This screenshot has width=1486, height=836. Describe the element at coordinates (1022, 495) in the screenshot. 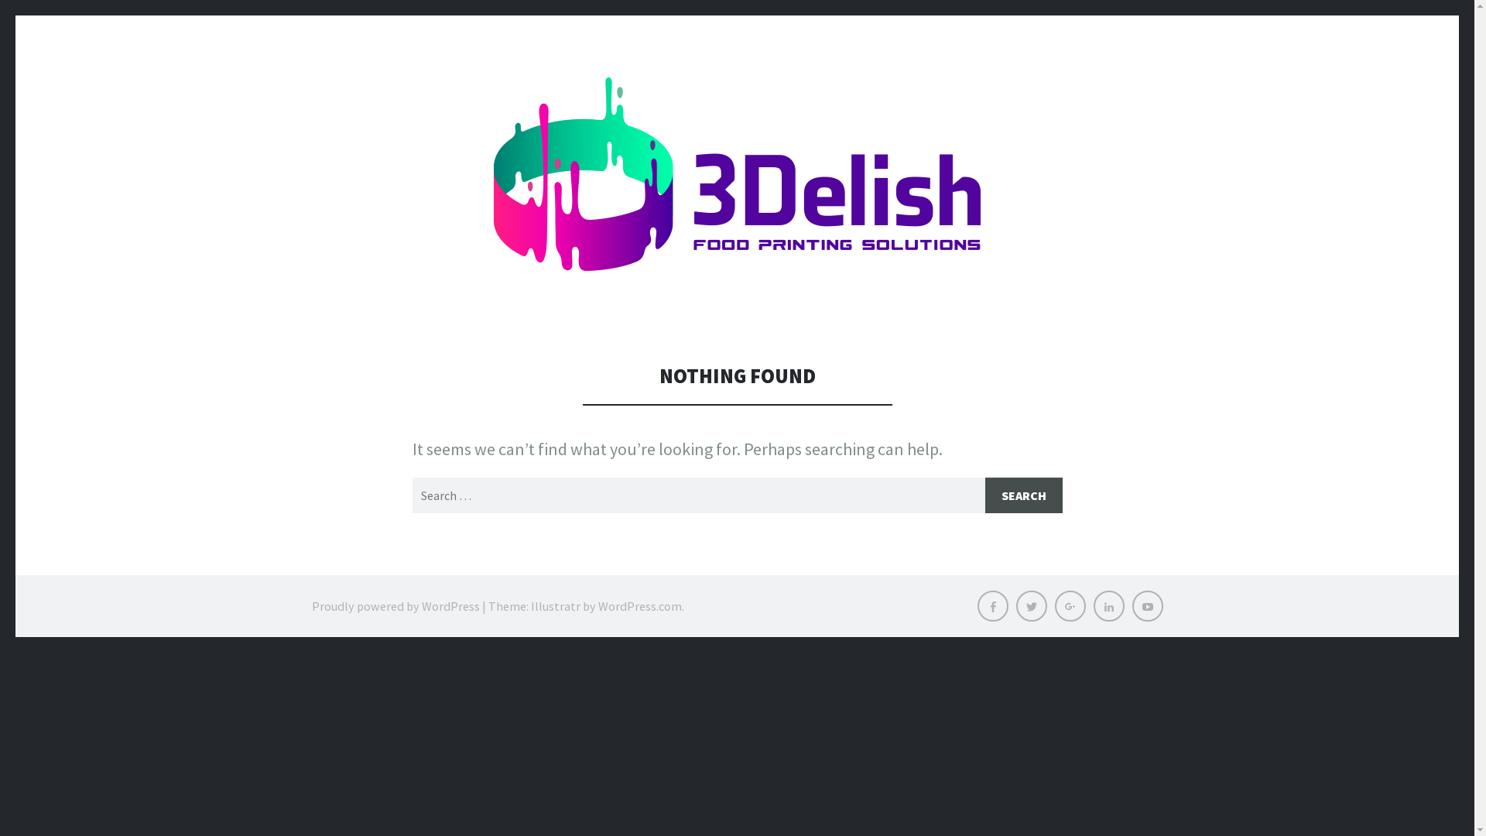

I see `'Search'` at that location.